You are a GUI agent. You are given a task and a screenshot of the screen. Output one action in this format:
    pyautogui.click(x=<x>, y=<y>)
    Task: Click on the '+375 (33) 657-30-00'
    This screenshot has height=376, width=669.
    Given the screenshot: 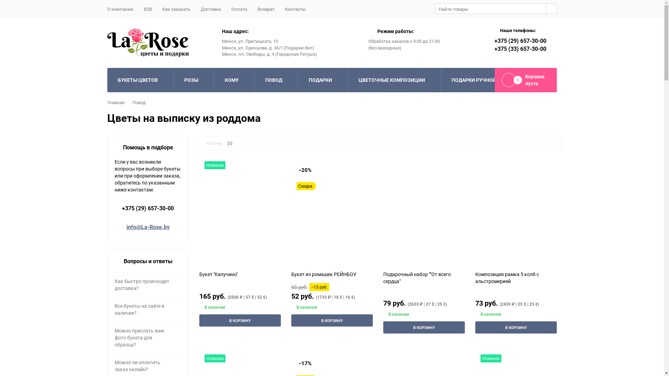 What is the action you would take?
    pyautogui.click(x=493, y=48)
    